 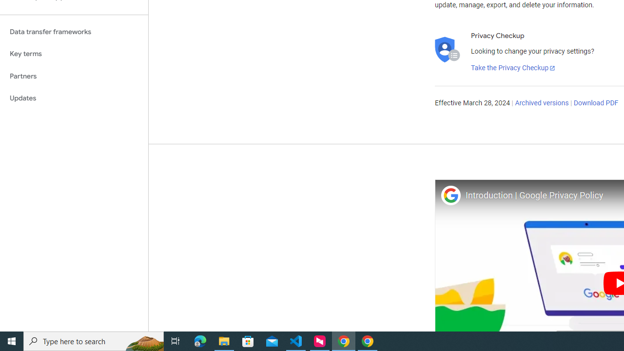 I want to click on 'Take the Privacy Checkup', so click(x=513, y=68).